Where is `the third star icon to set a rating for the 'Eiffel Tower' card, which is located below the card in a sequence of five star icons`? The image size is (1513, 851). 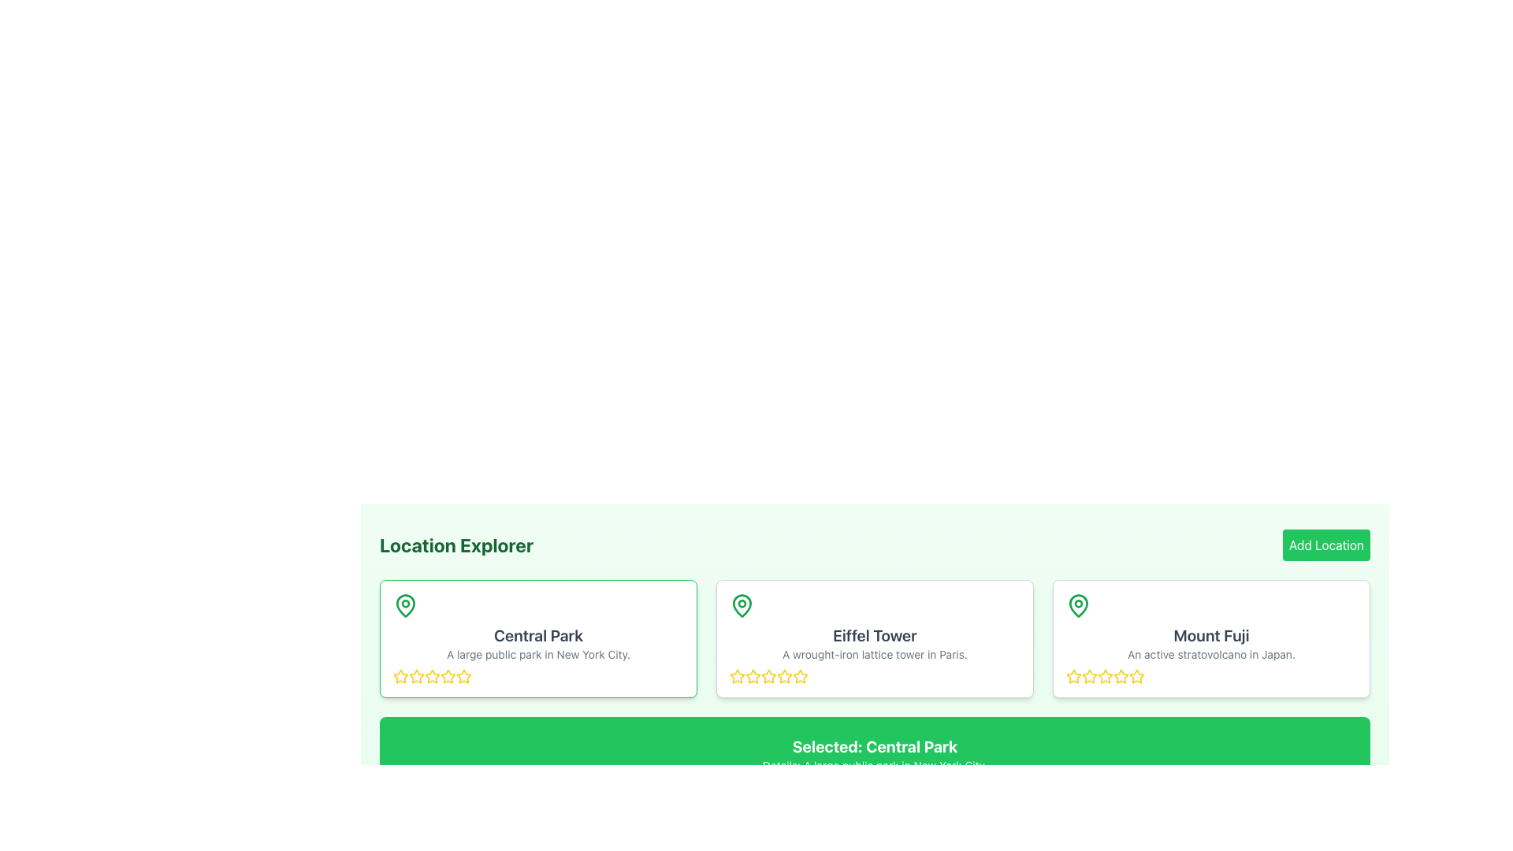
the third star icon to set a rating for the 'Eiffel Tower' card, which is located below the card in a sequence of five star icons is located at coordinates (752, 676).